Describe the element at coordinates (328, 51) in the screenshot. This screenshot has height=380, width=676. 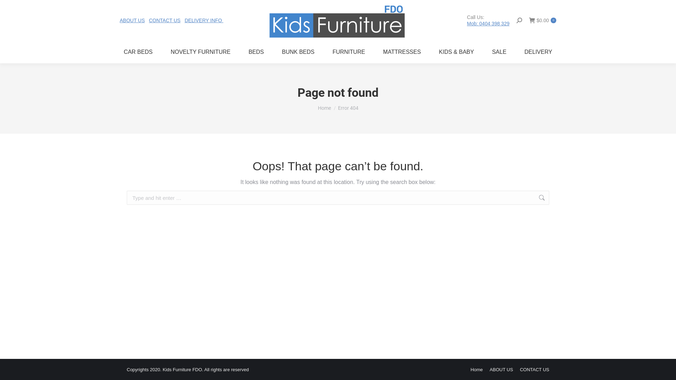
I see `'FURNITURE'` at that location.